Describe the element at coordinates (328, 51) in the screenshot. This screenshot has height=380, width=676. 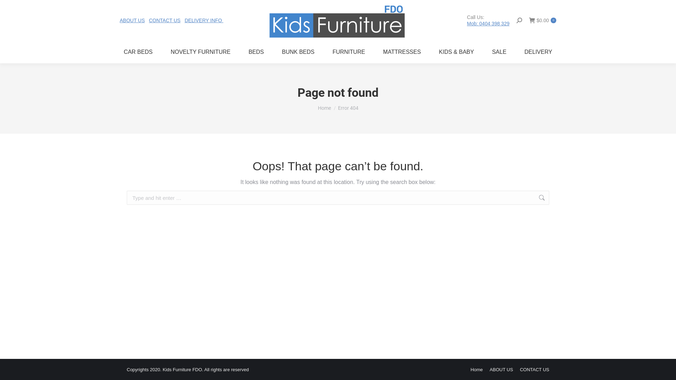
I see `'FURNITURE'` at that location.